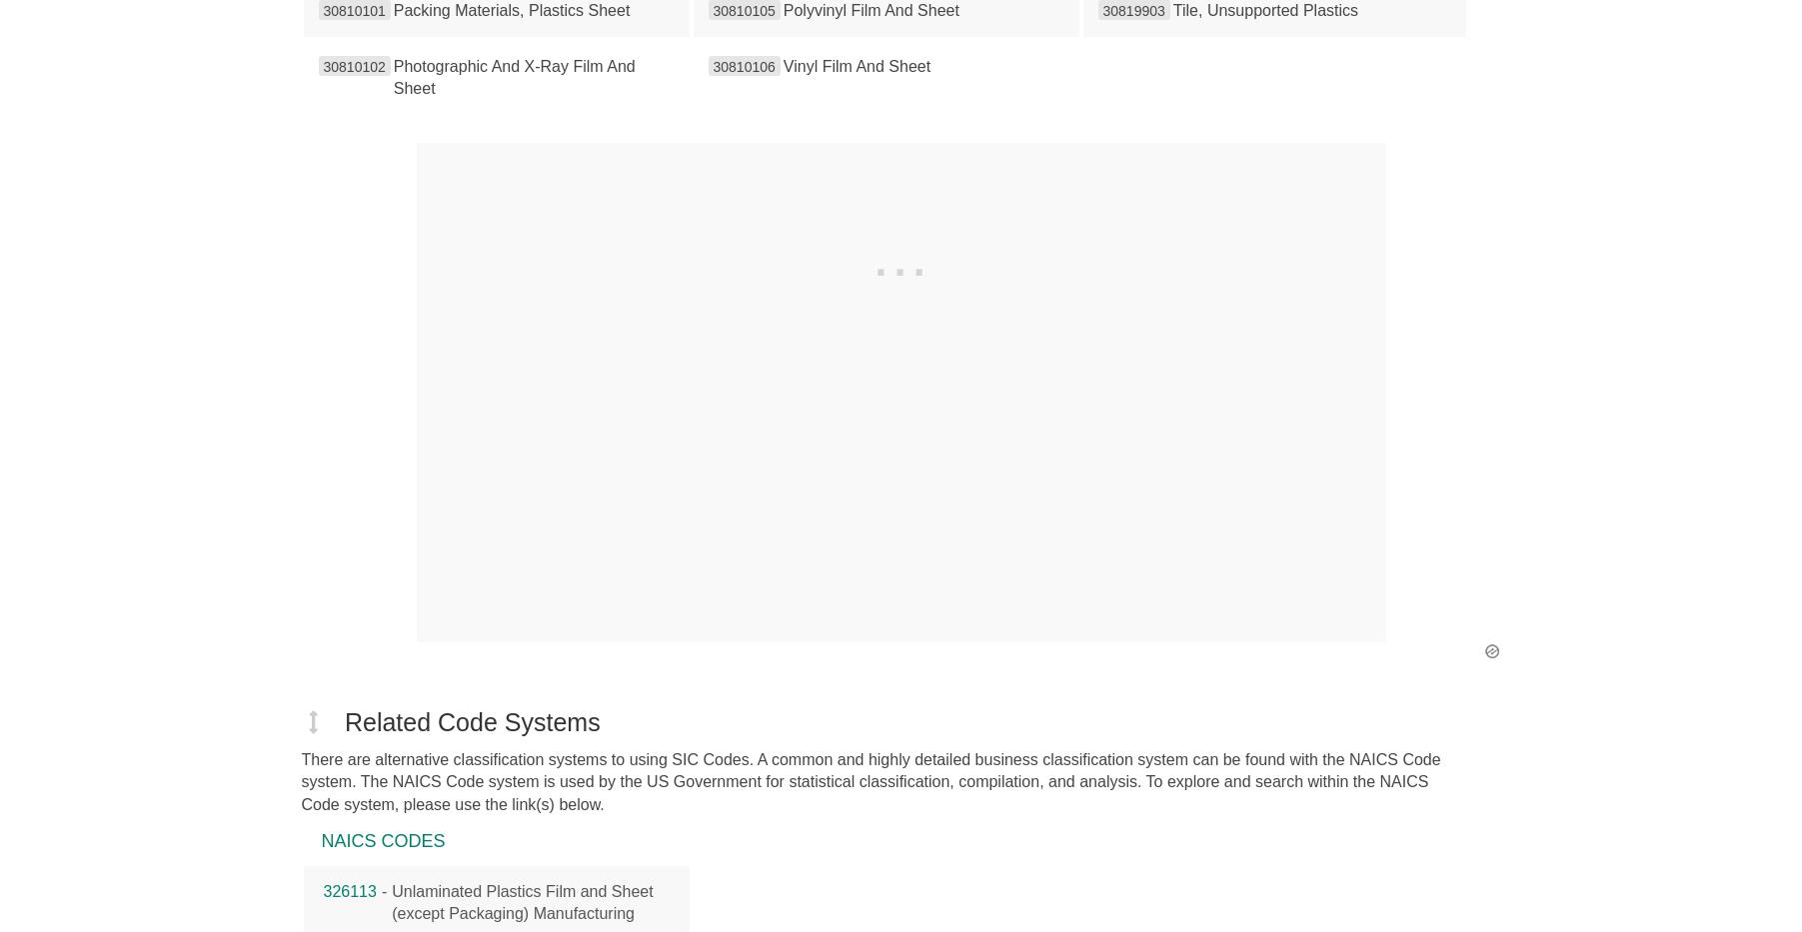 This screenshot has height=932, width=1802. What do you see at coordinates (510, 8) in the screenshot?
I see `'Packing Materials, Plastics Sheet'` at bounding box center [510, 8].